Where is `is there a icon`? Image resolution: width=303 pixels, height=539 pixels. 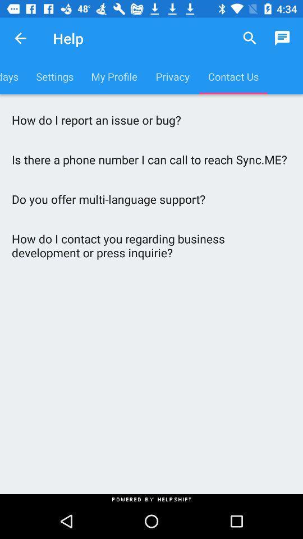 is there a icon is located at coordinates (151, 159).